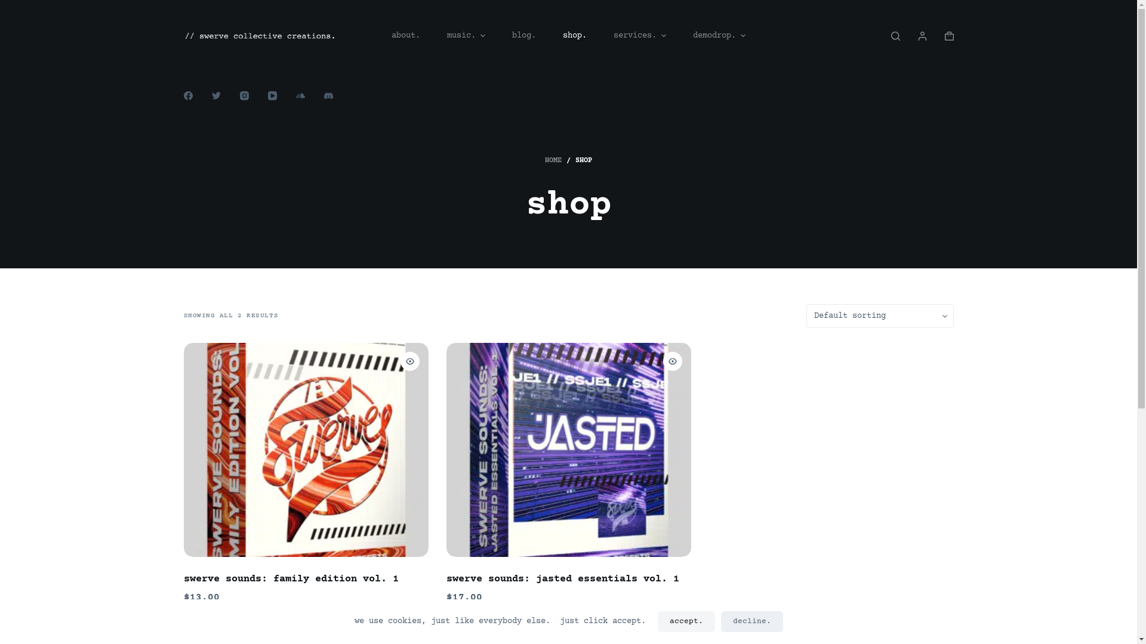 The width and height of the screenshot is (1146, 644). Describe the element at coordinates (600, 35) in the screenshot. I see `'services.'` at that location.